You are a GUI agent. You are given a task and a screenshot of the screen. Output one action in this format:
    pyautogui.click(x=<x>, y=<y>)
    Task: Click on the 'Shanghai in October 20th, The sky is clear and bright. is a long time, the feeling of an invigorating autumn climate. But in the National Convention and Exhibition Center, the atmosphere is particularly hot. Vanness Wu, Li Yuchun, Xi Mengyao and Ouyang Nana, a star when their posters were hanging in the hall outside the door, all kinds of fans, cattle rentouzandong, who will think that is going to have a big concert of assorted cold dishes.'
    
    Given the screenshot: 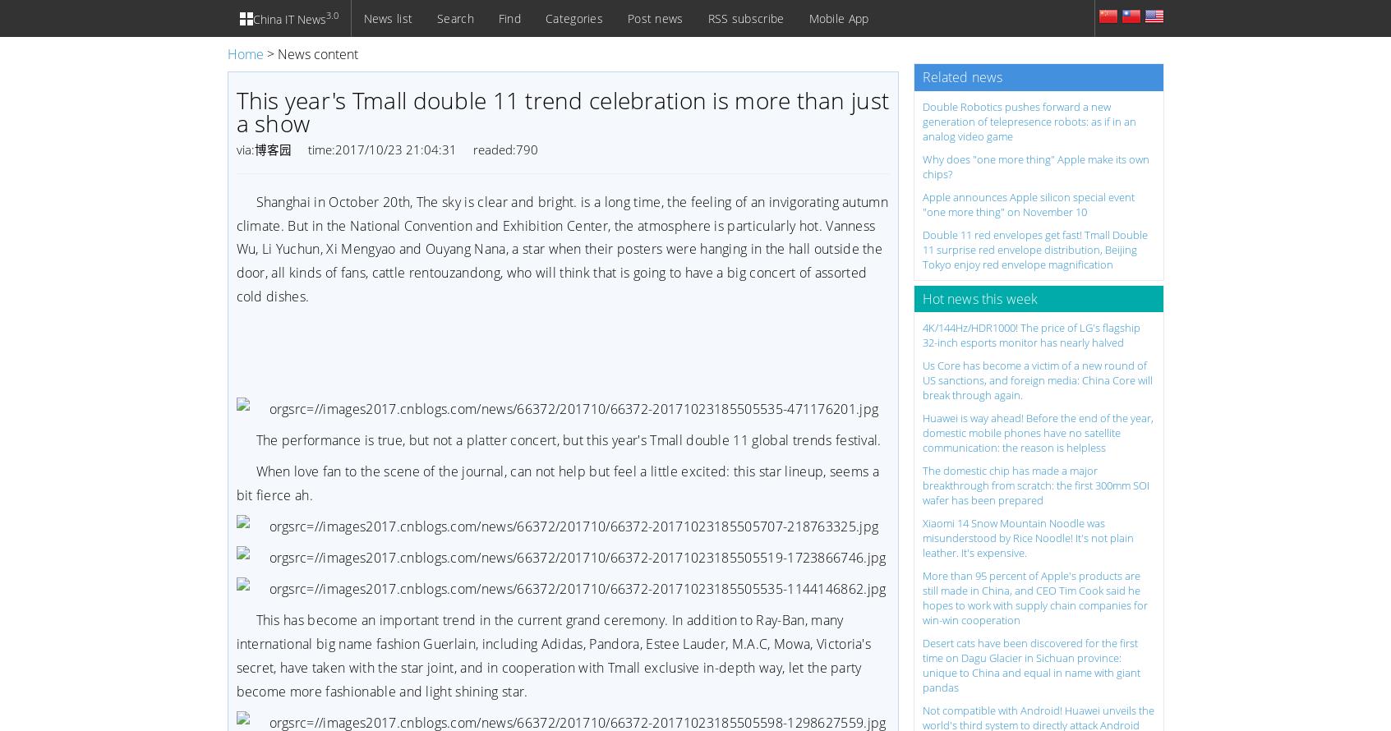 What is the action you would take?
    pyautogui.click(x=234, y=248)
    